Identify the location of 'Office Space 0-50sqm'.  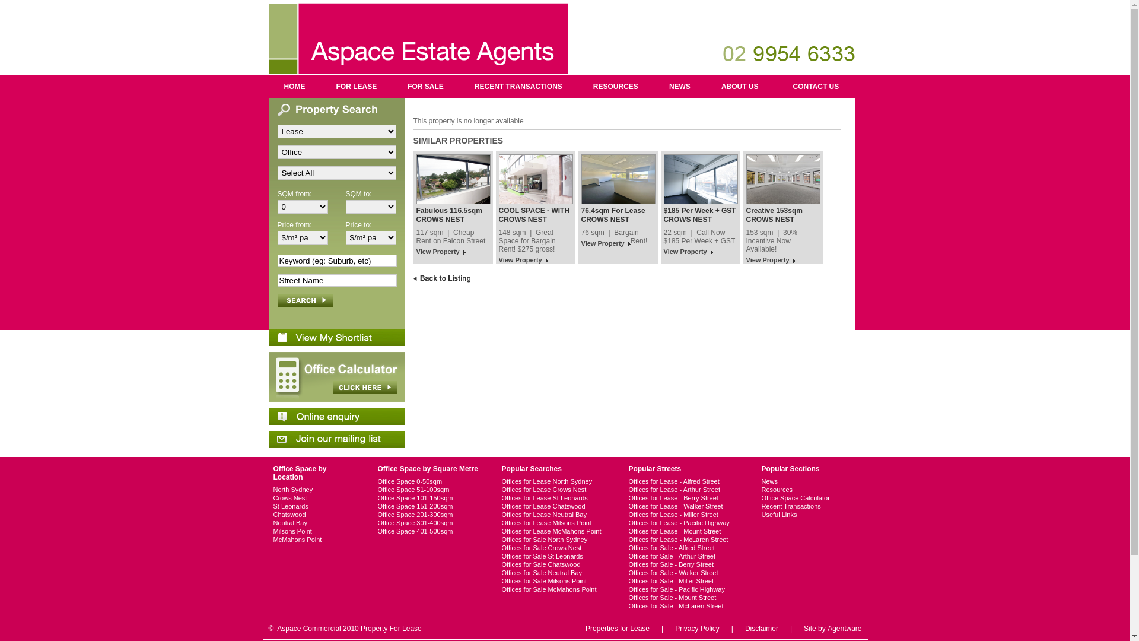
(428, 481).